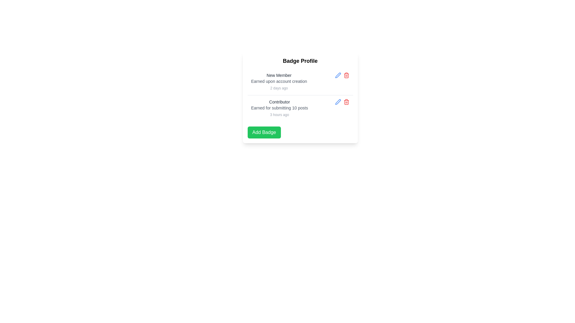 Image resolution: width=575 pixels, height=323 pixels. I want to click on the information display block that shows details of a badge, including its name, reason for earning, and time awarded, located in the second row of the Badge Profile content, so click(279, 108).